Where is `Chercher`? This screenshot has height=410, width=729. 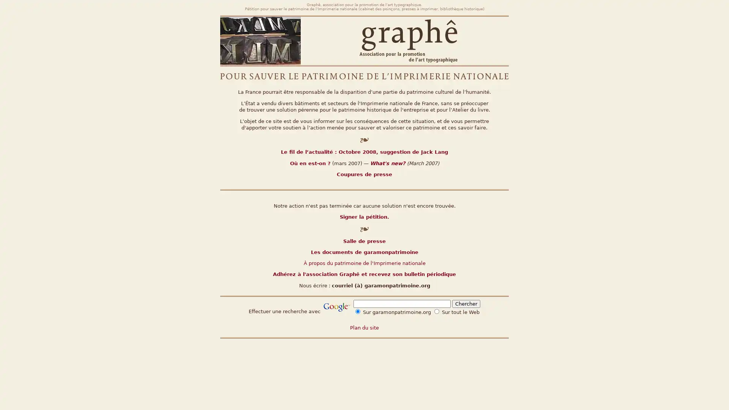 Chercher is located at coordinates (466, 303).